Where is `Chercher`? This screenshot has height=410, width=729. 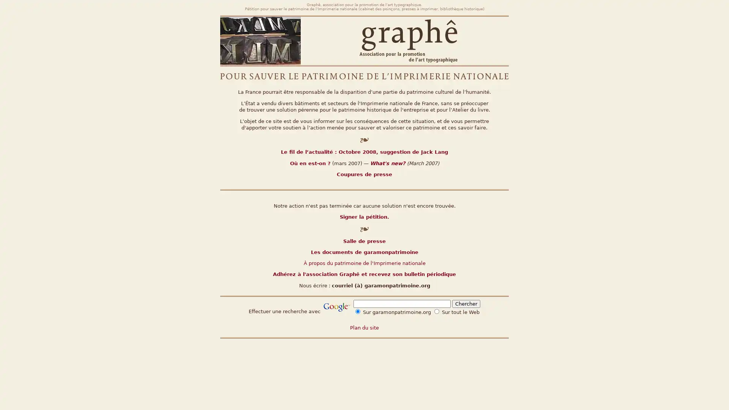 Chercher is located at coordinates (466, 303).